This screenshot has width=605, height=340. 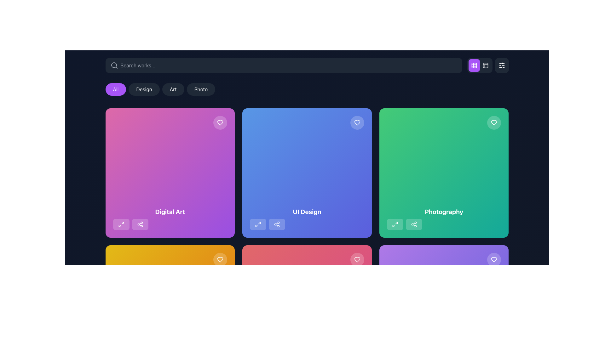 What do you see at coordinates (220, 259) in the screenshot?
I see `the heart icon button located in the top-right corner of the yellow card, which allows users to express a liking or favoriting action` at bounding box center [220, 259].